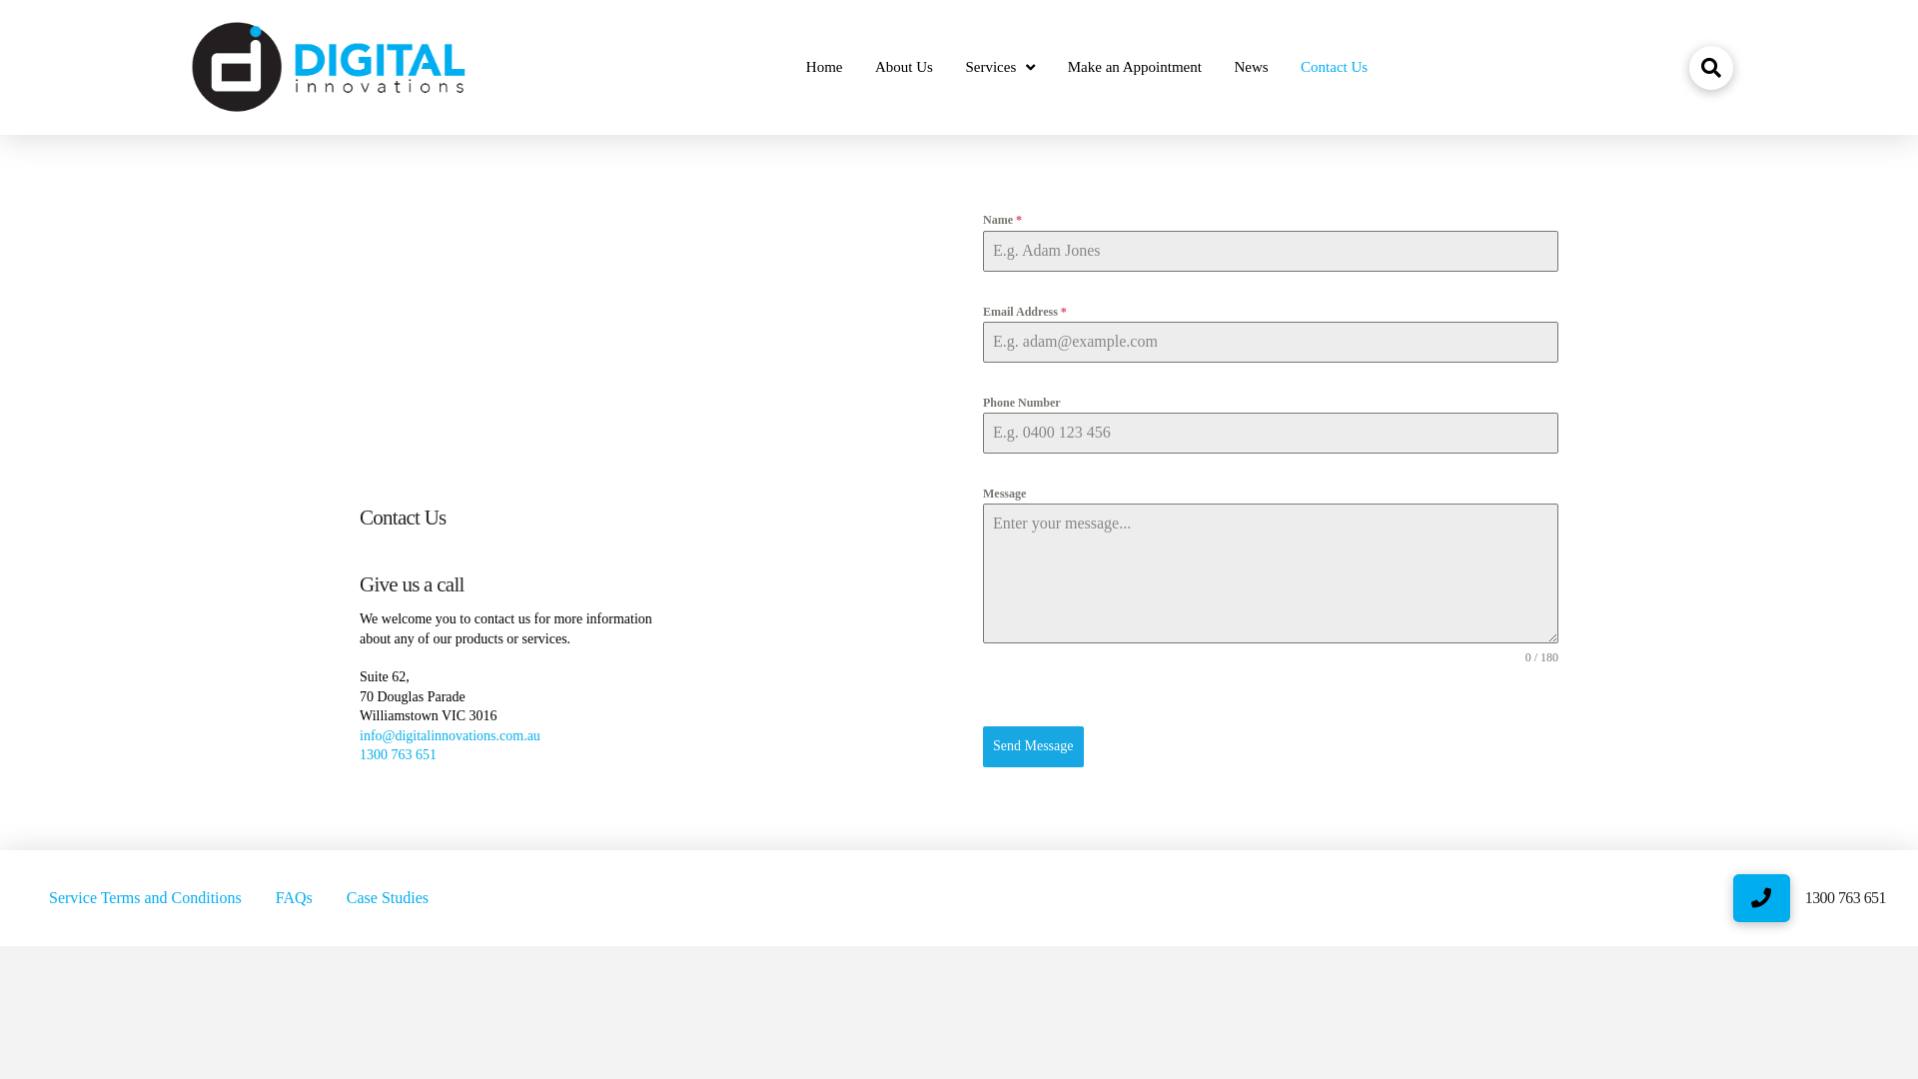  Describe the element at coordinates (824, 67) in the screenshot. I see `'Home'` at that location.